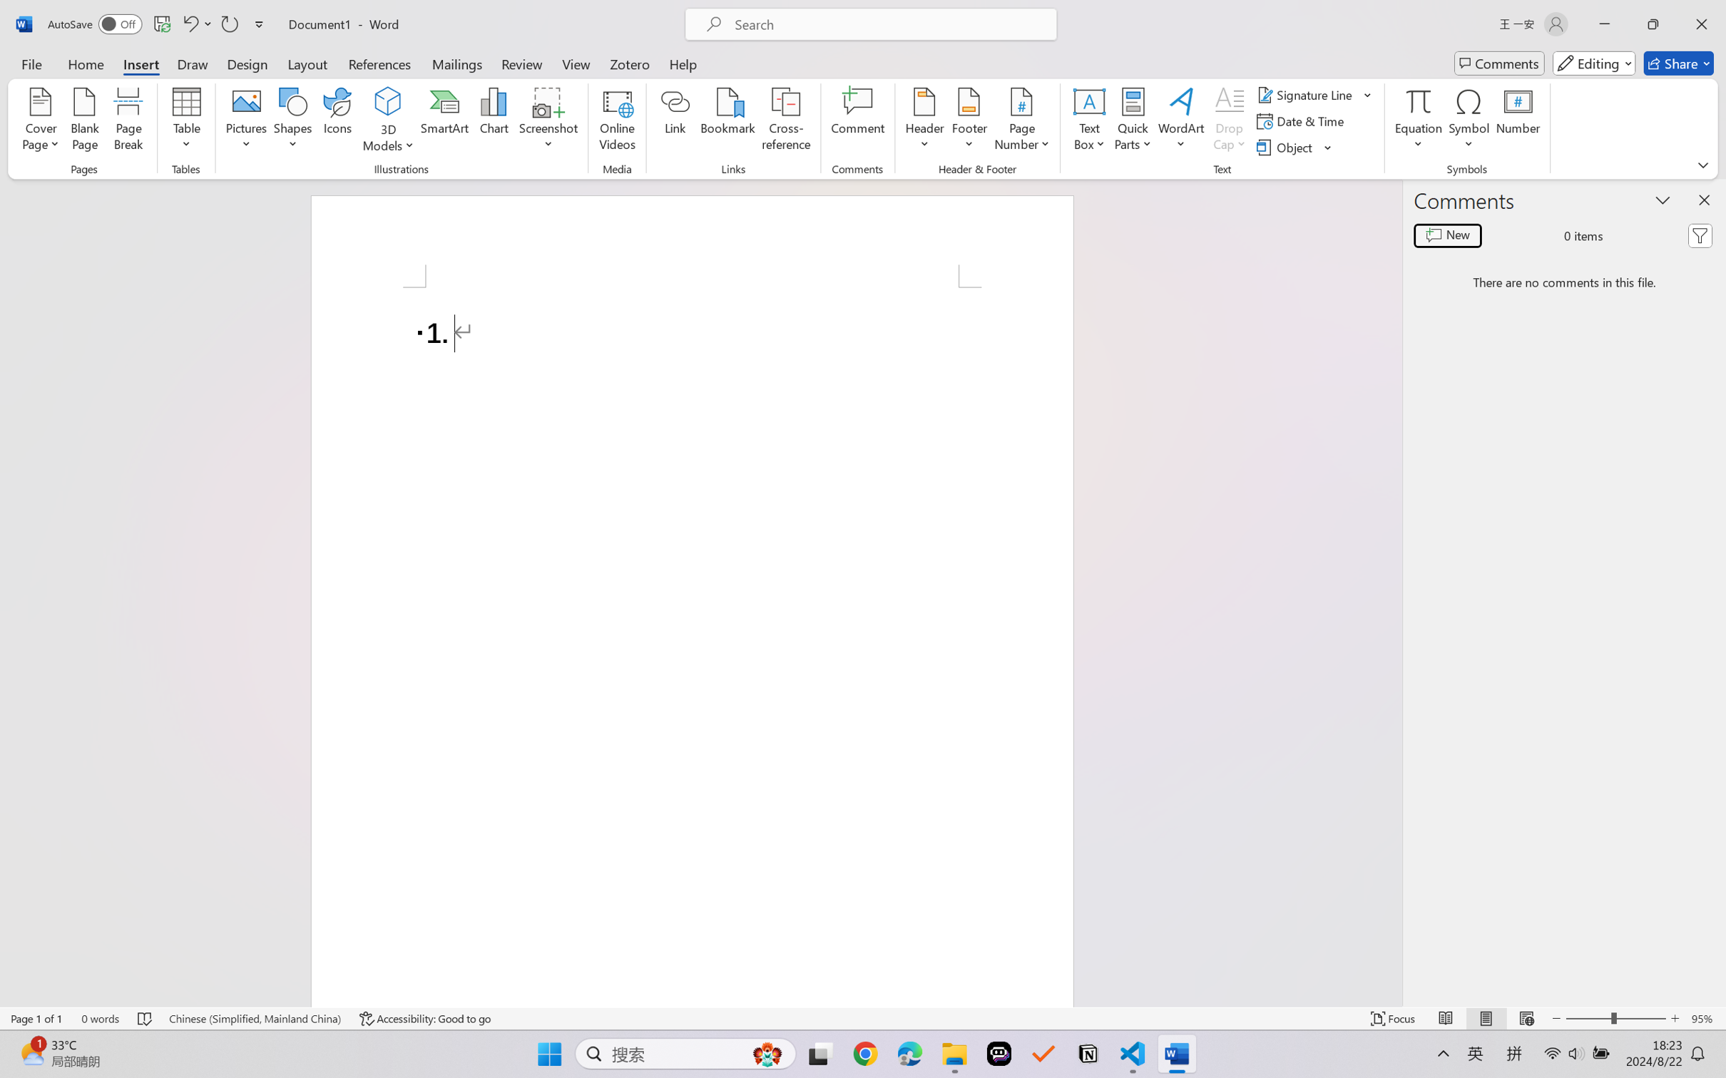 This screenshot has height=1078, width=1726. Describe the element at coordinates (1700, 236) in the screenshot. I see `'Filter'` at that location.